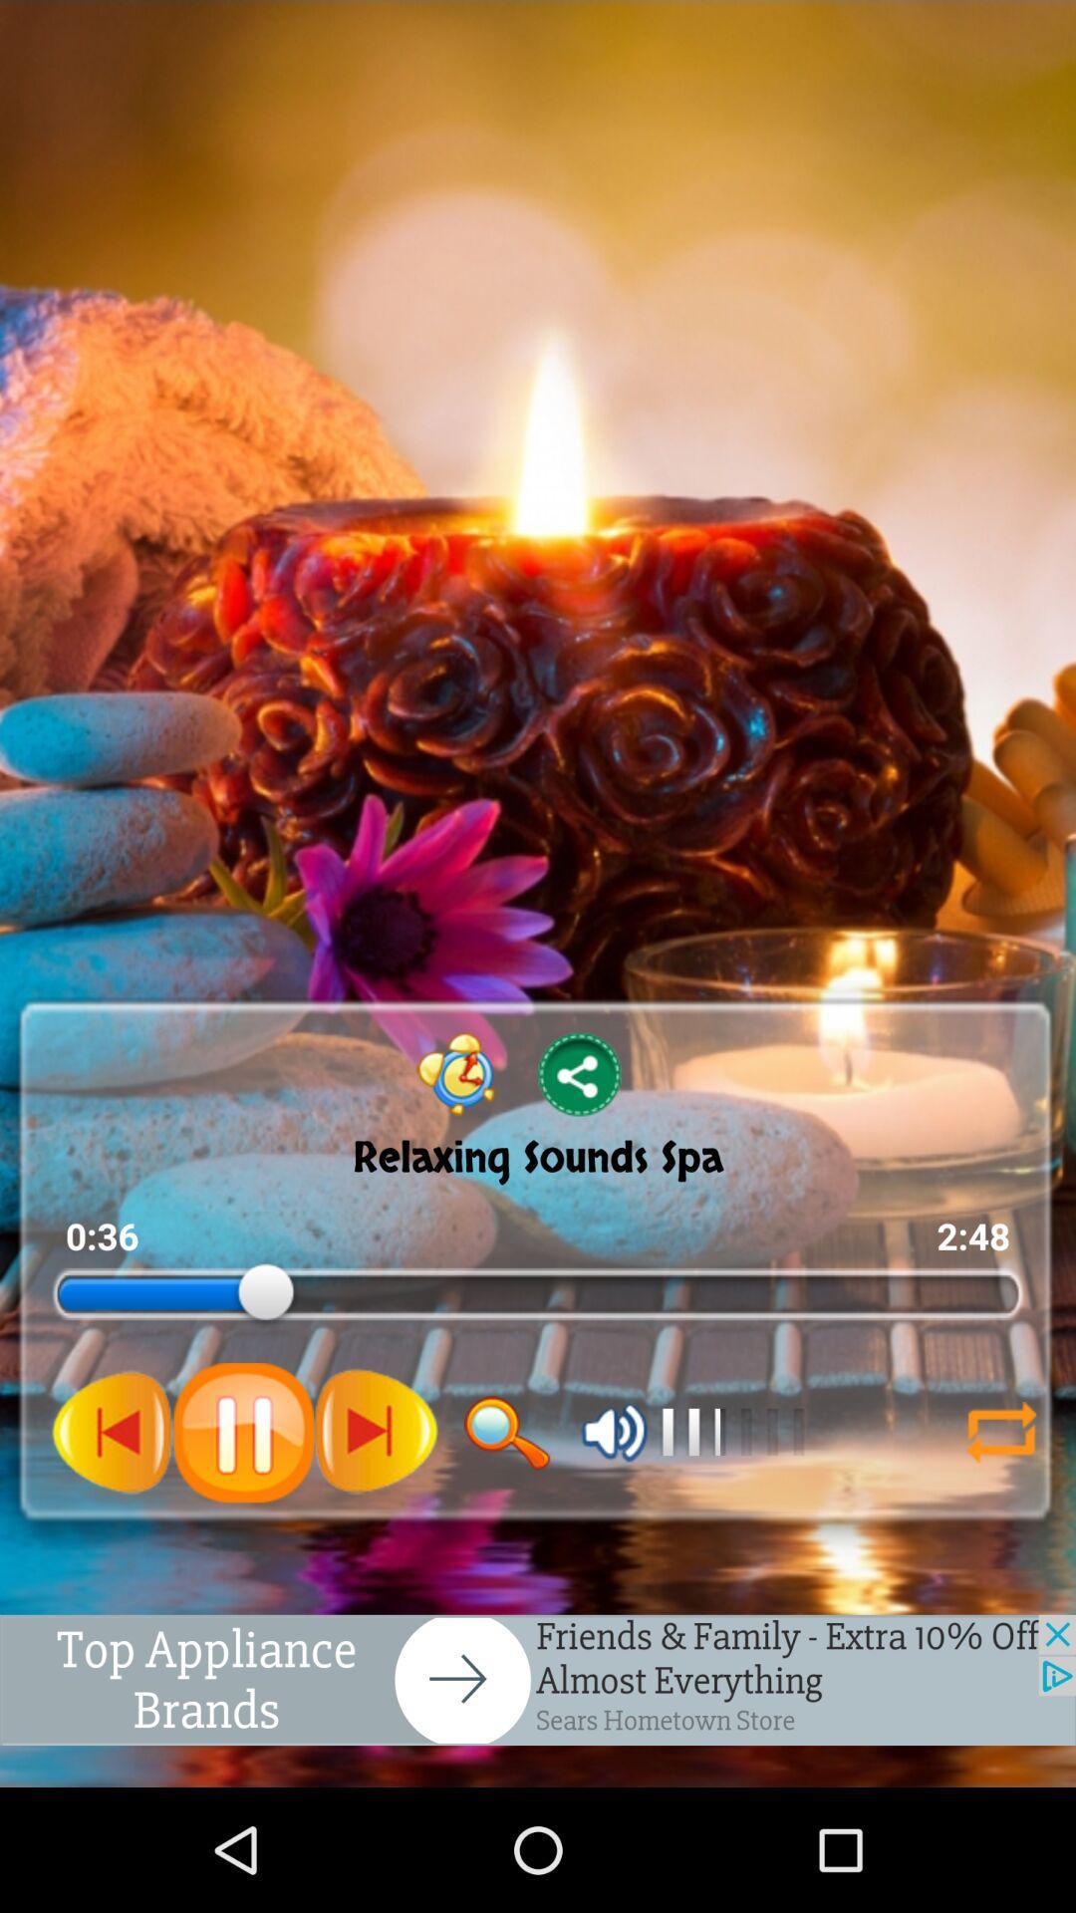 Image resolution: width=1076 pixels, height=1913 pixels. Describe the element at coordinates (456, 1074) in the screenshot. I see `icon left to share icon` at that location.